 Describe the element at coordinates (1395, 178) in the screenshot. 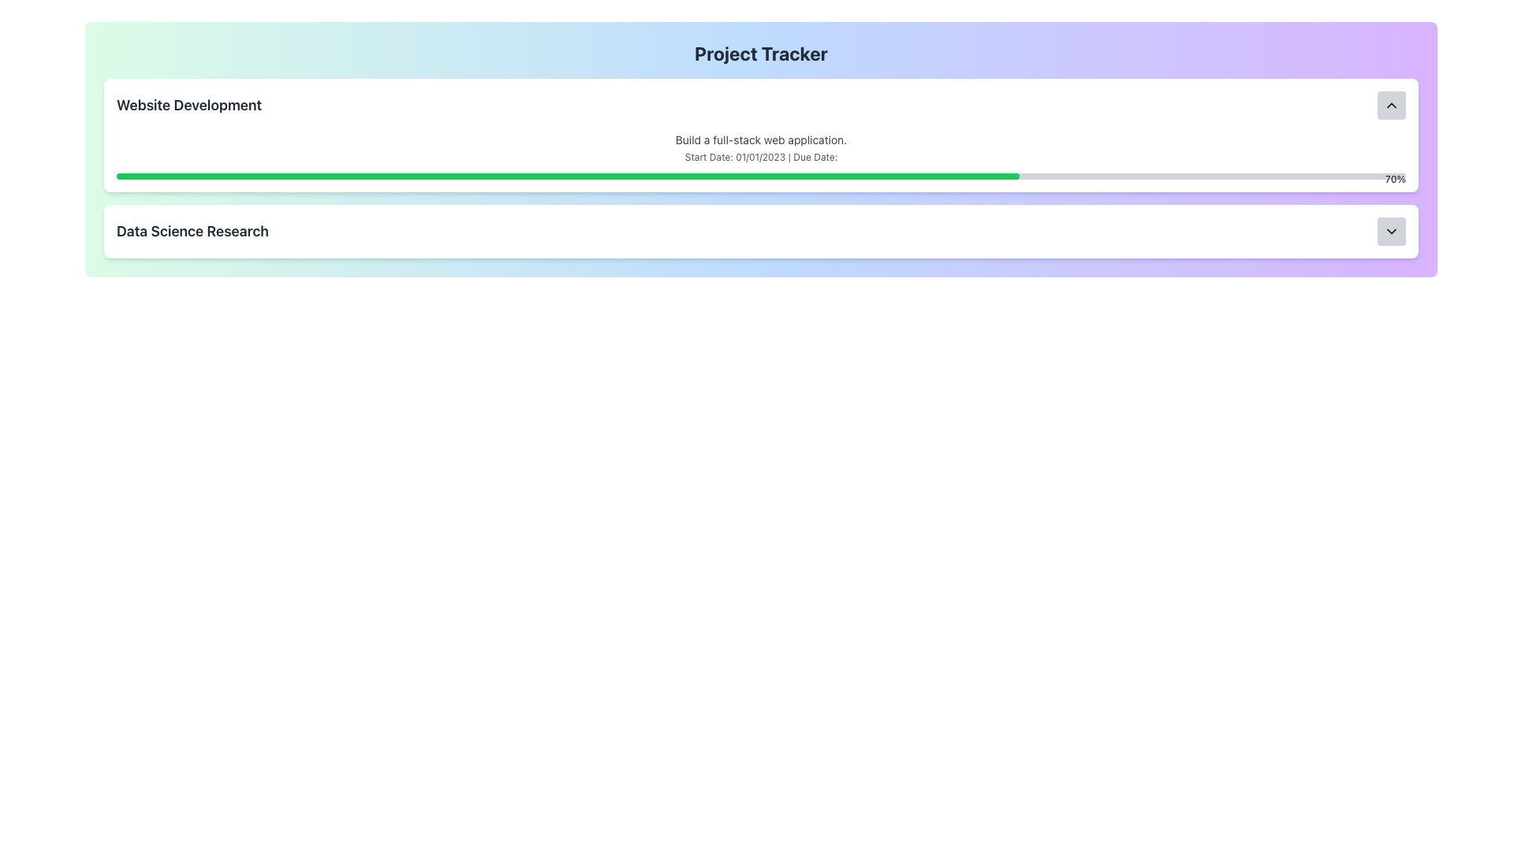

I see `the progress indicator text on the far right side of the progress bar in the 'Website Development' section` at that location.